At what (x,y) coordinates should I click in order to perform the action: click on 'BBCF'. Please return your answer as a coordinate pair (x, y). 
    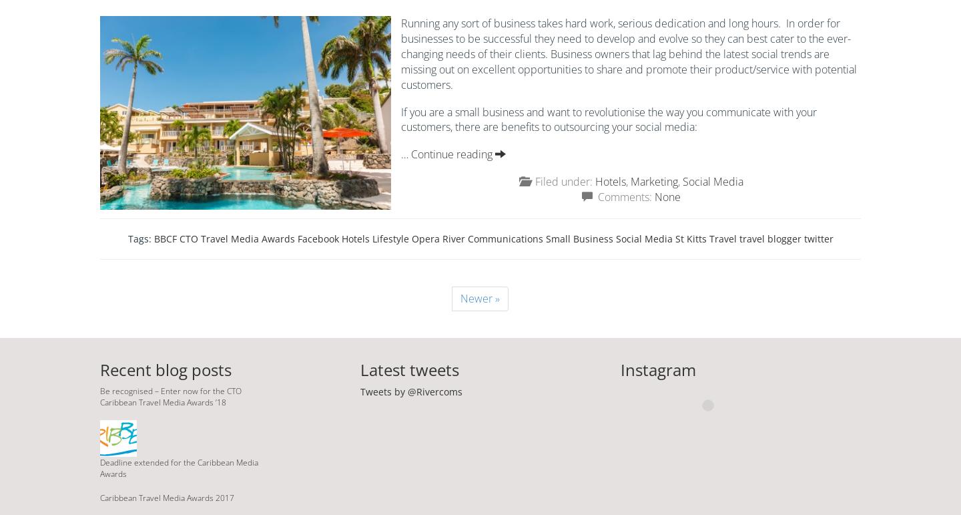
    Looking at the image, I should click on (164, 238).